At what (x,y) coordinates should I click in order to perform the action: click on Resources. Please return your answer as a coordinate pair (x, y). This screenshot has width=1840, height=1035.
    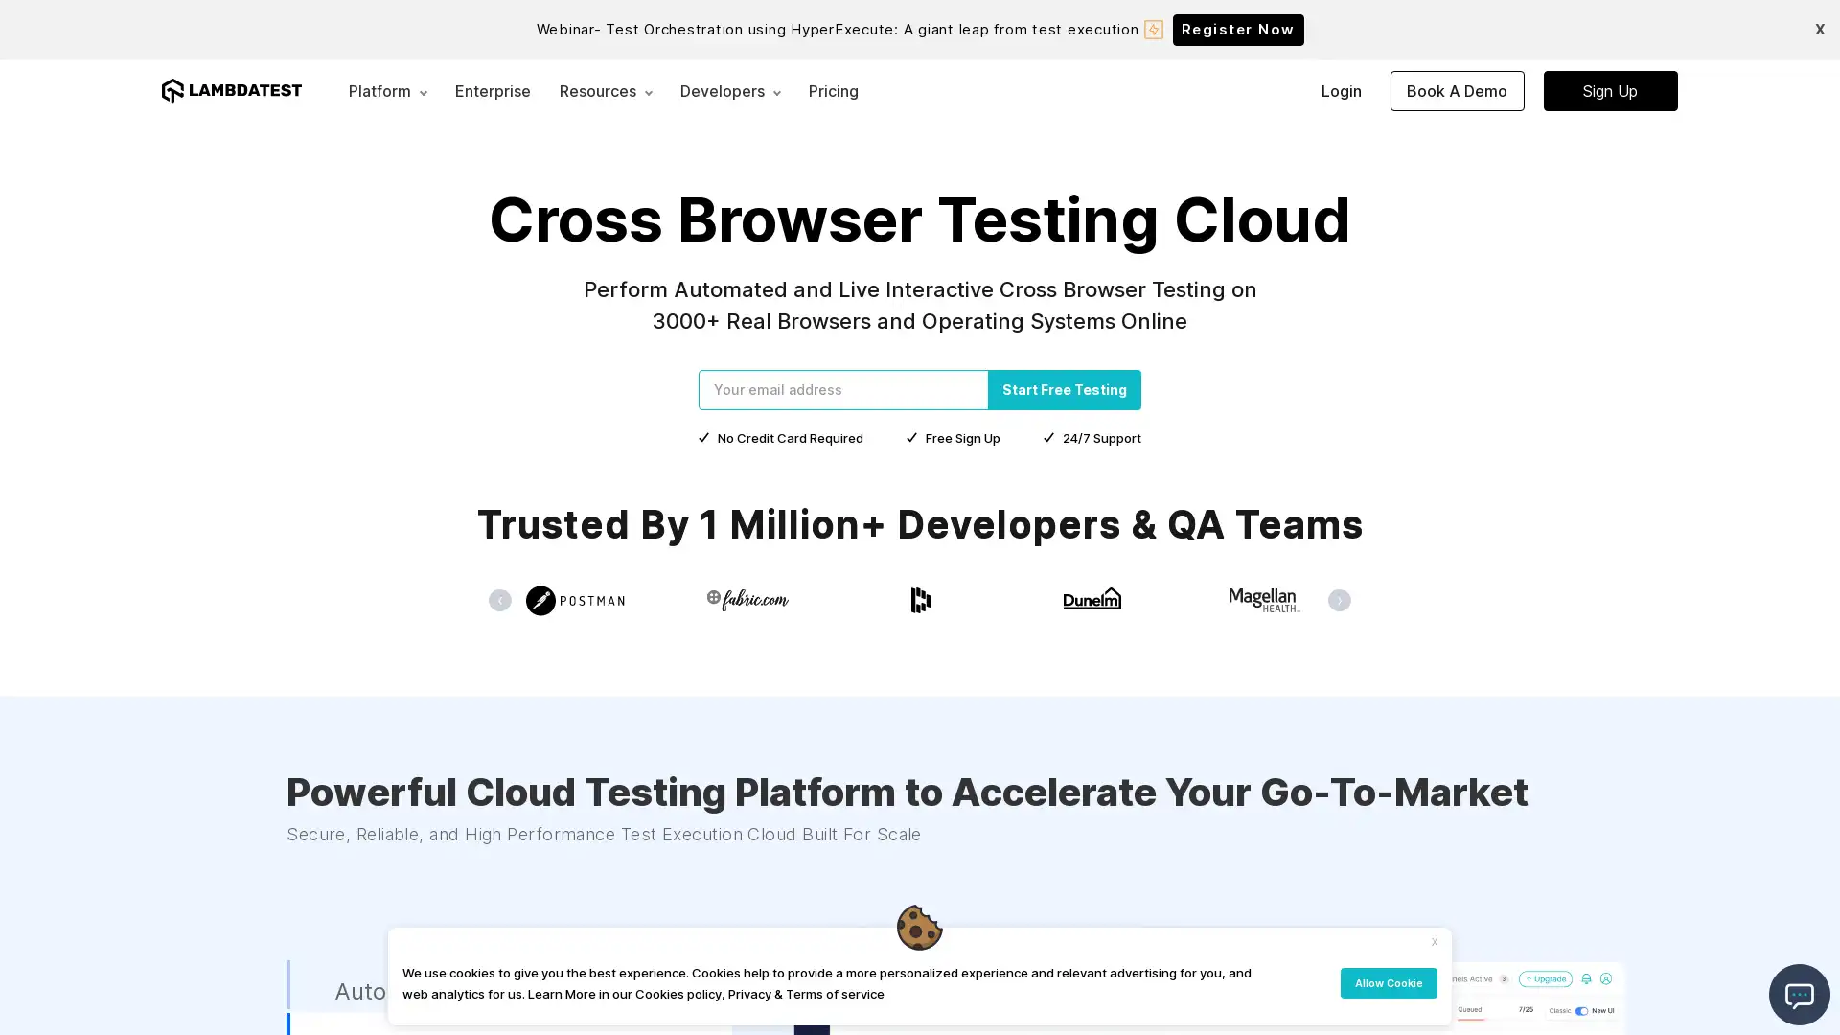
    Looking at the image, I should click on (605, 89).